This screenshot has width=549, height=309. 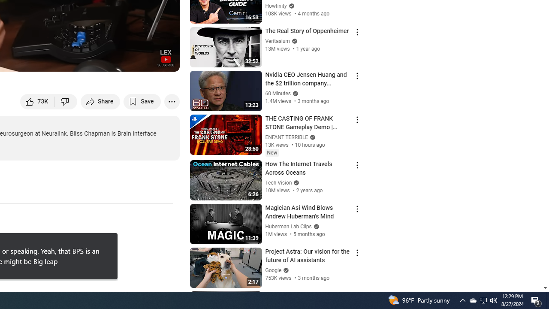 I want to click on 'Dislike this video', so click(x=66, y=101).